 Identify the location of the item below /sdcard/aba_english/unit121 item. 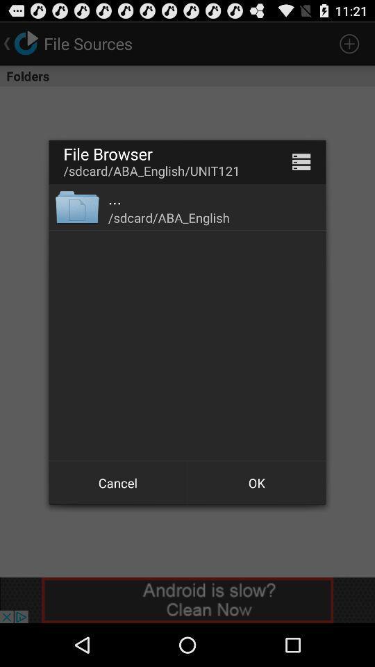
(114, 197).